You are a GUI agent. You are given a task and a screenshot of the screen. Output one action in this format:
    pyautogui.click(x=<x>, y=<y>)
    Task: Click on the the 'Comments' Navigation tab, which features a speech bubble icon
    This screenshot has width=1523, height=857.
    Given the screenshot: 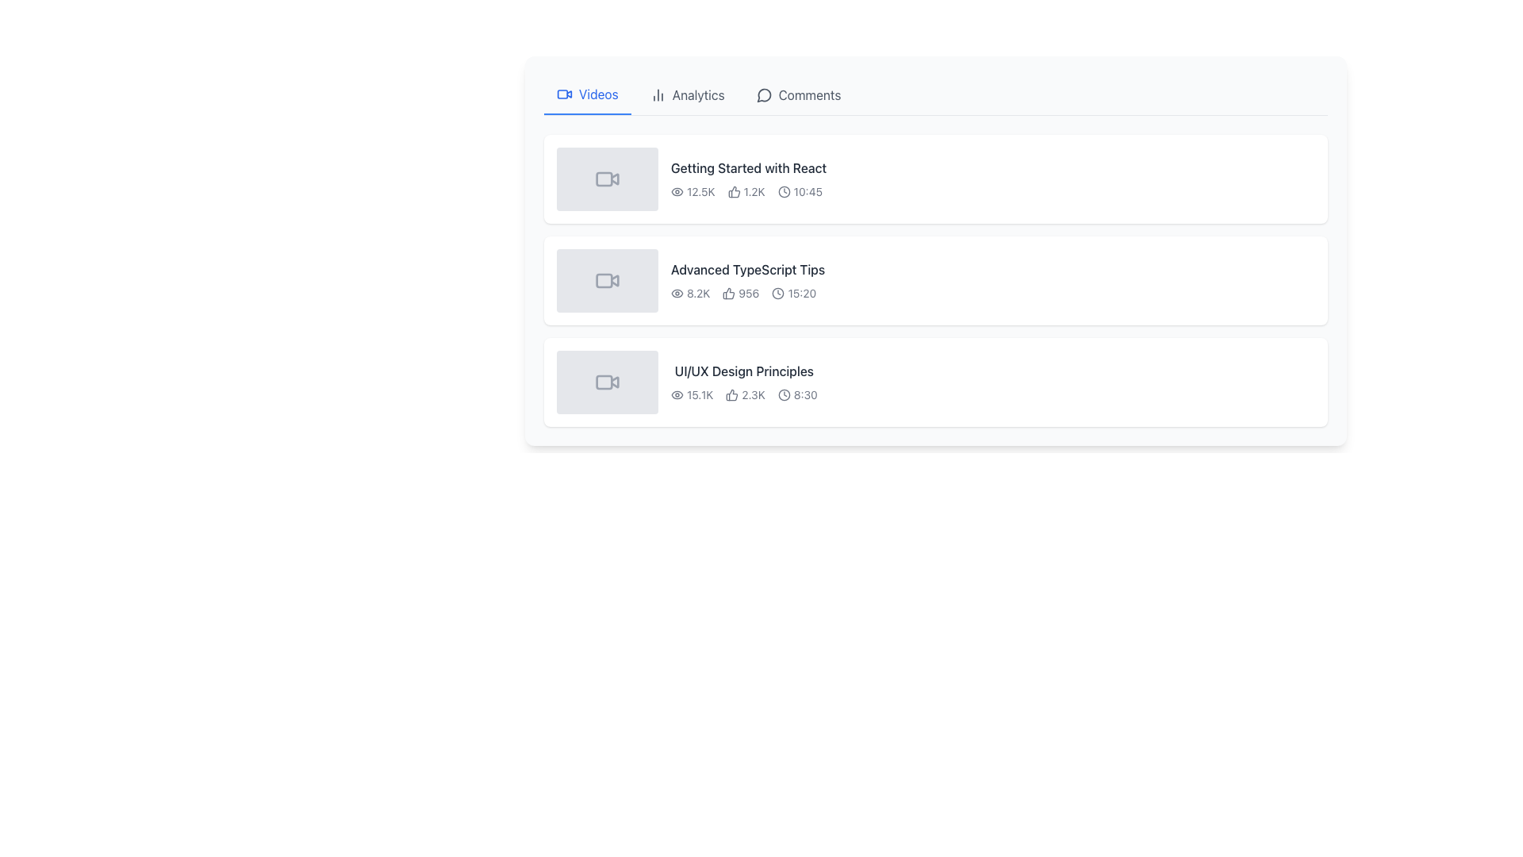 What is the action you would take?
    pyautogui.click(x=799, y=94)
    